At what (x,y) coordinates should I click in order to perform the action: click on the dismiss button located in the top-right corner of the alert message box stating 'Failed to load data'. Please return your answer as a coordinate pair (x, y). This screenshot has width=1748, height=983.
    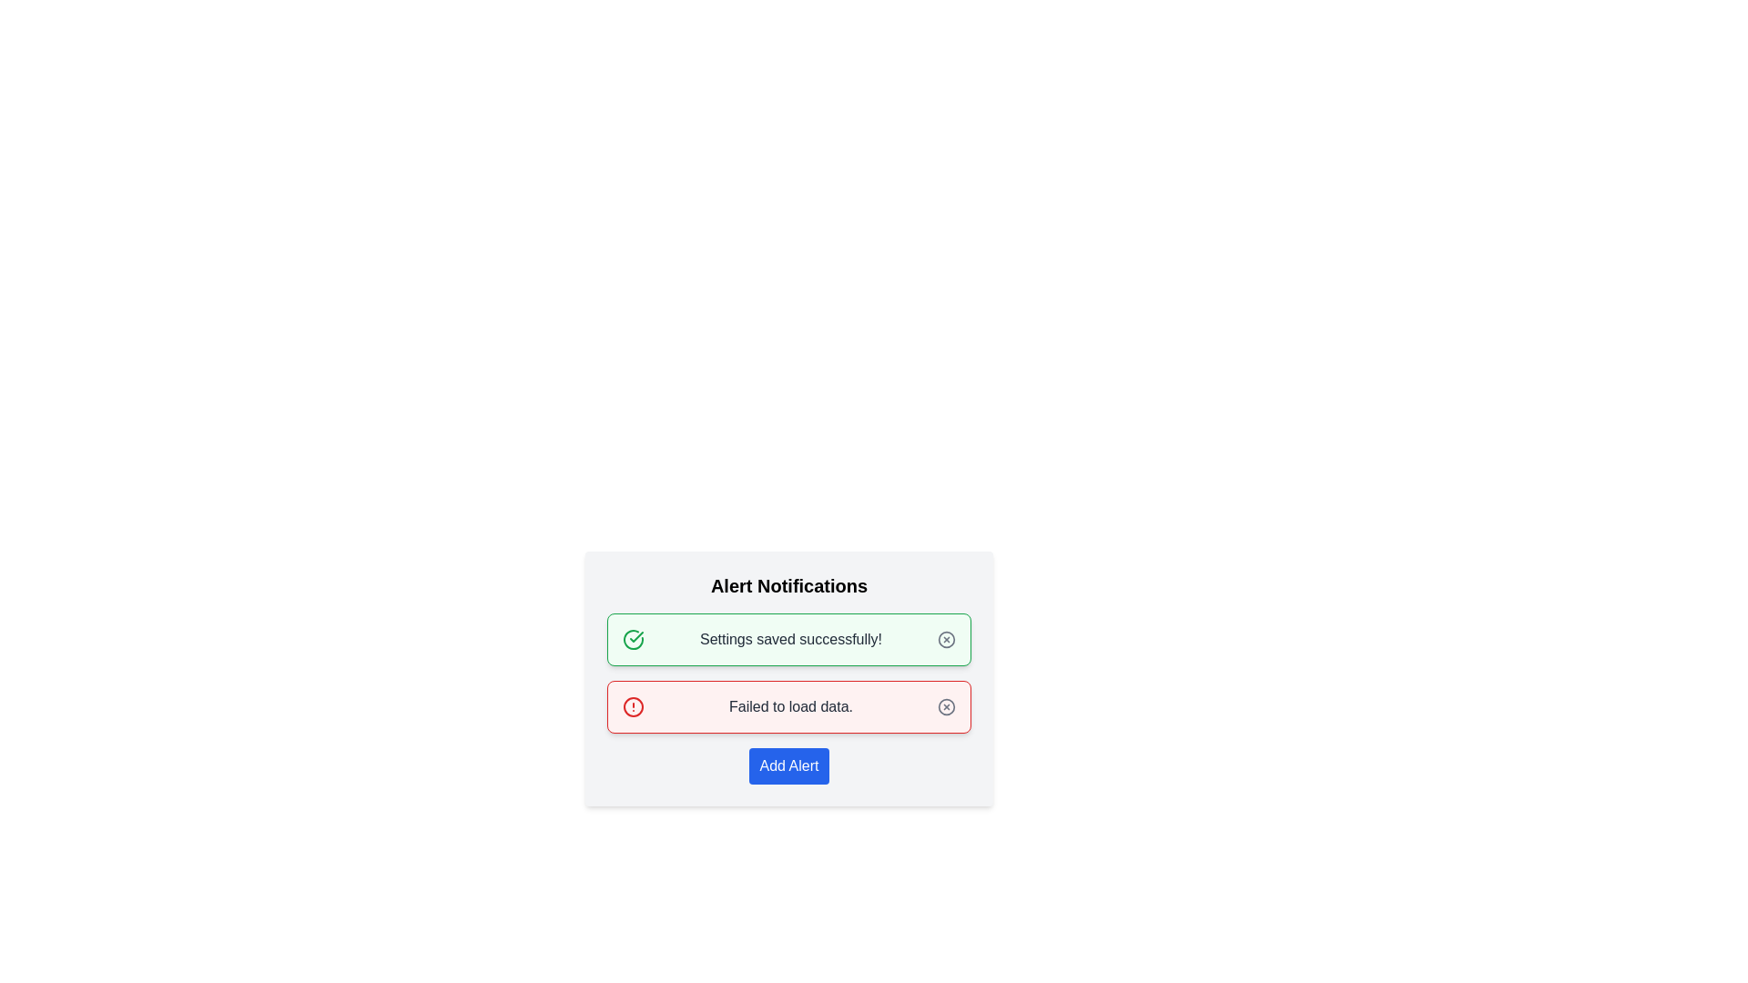
    Looking at the image, I should click on (947, 705).